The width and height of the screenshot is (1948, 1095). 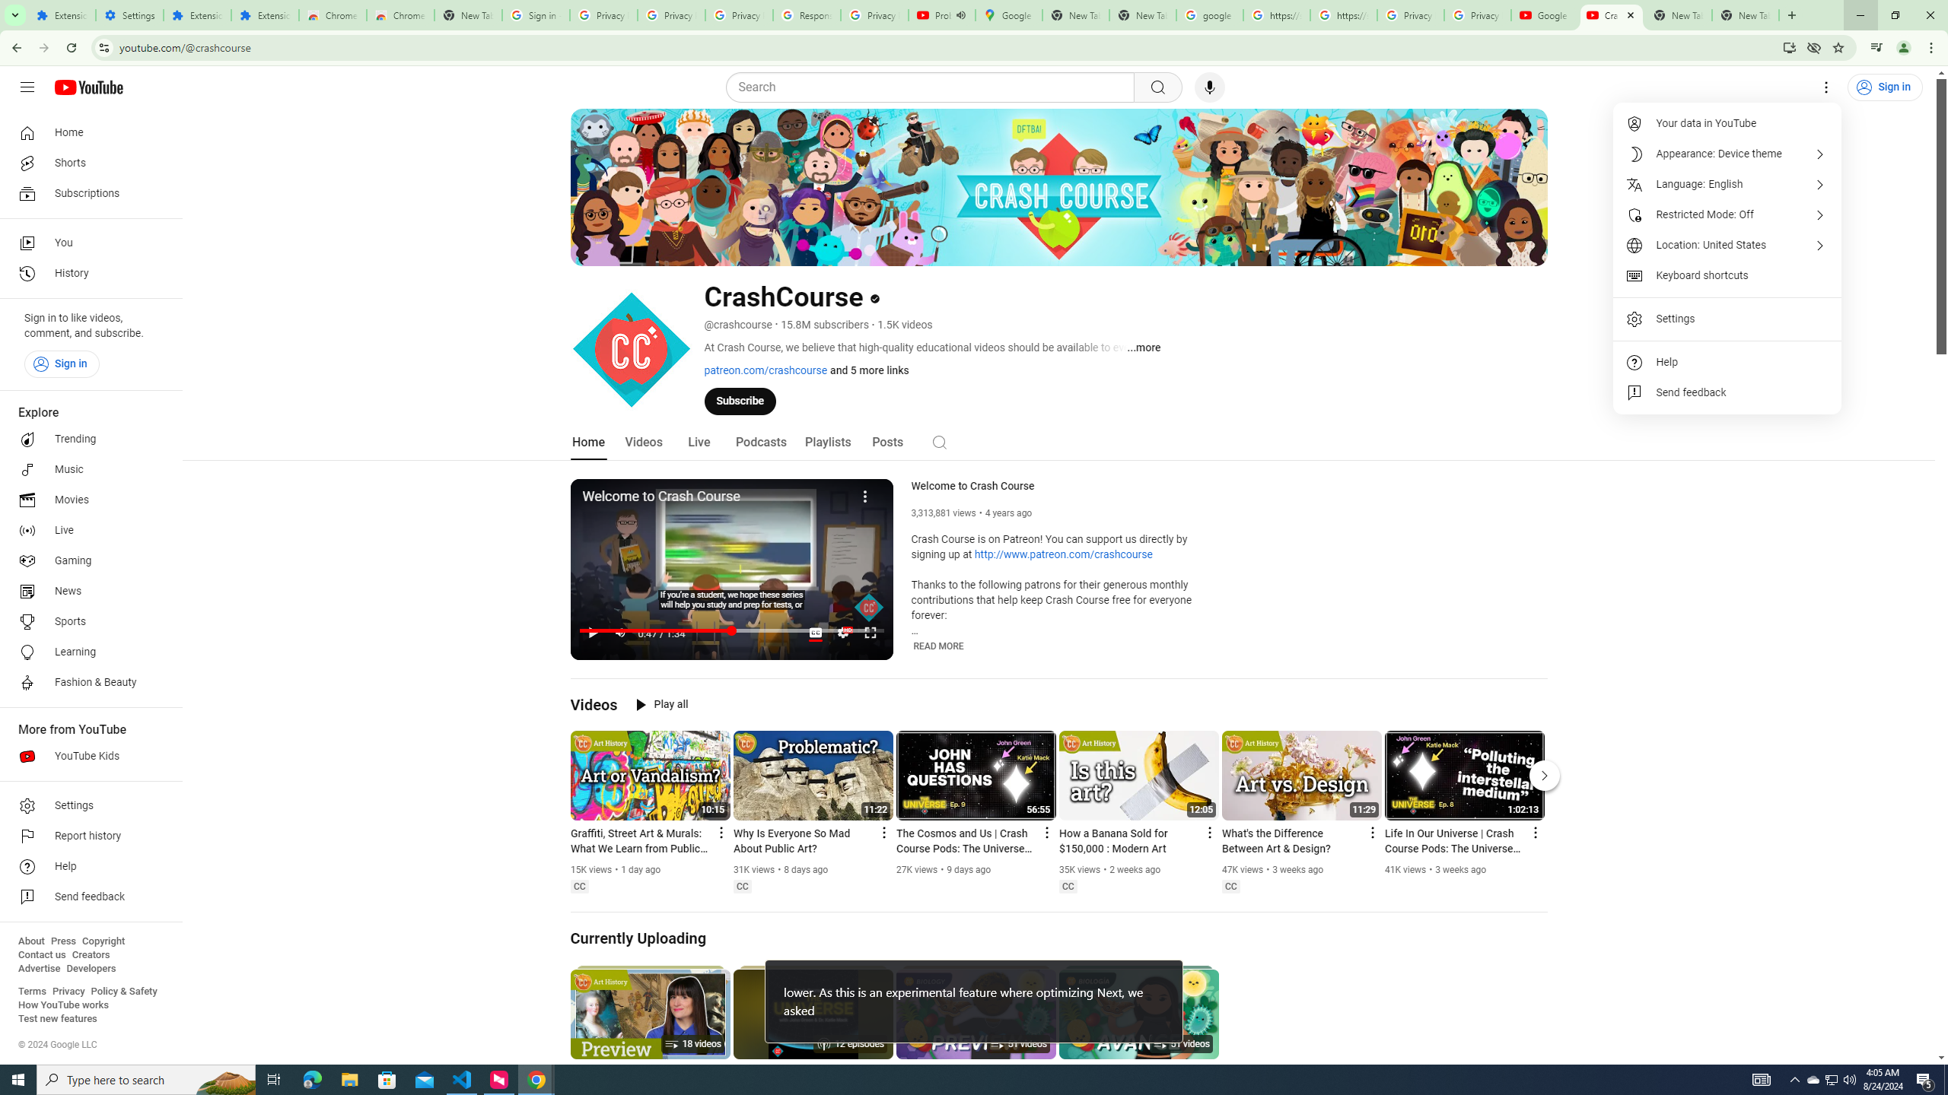 What do you see at coordinates (592, 632) in the screenshot?
I see `'Pause (k)'` at bounding box center [592, 632].